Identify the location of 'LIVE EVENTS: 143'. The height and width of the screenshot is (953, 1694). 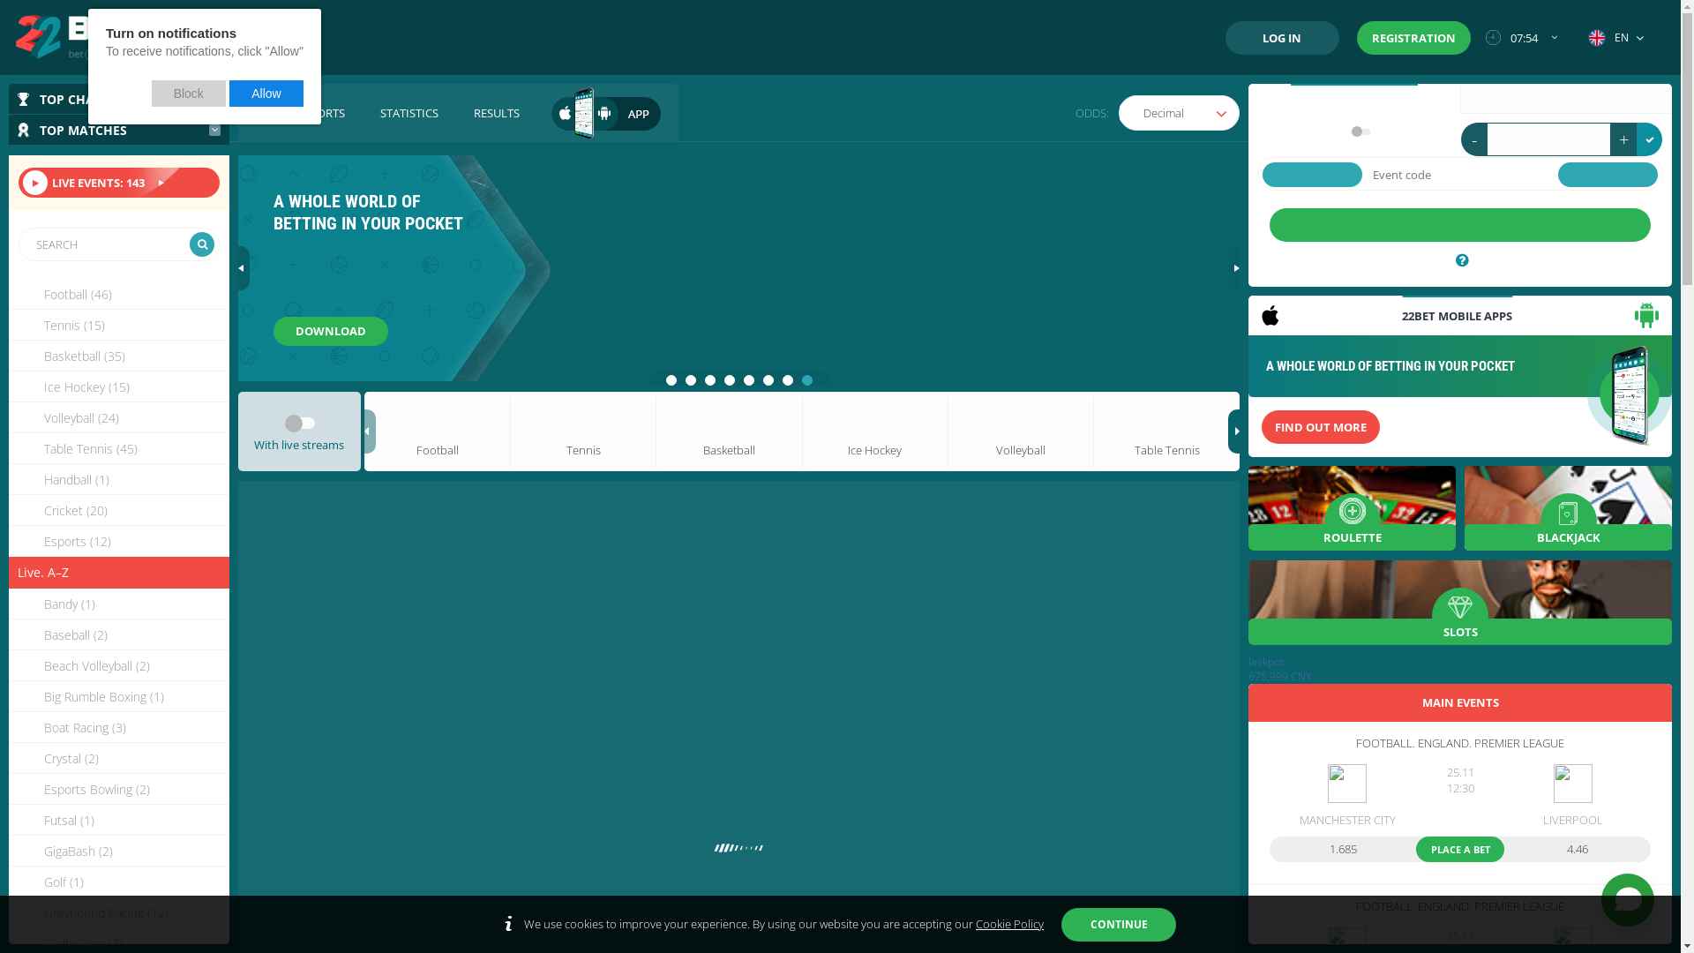
(117, 183).